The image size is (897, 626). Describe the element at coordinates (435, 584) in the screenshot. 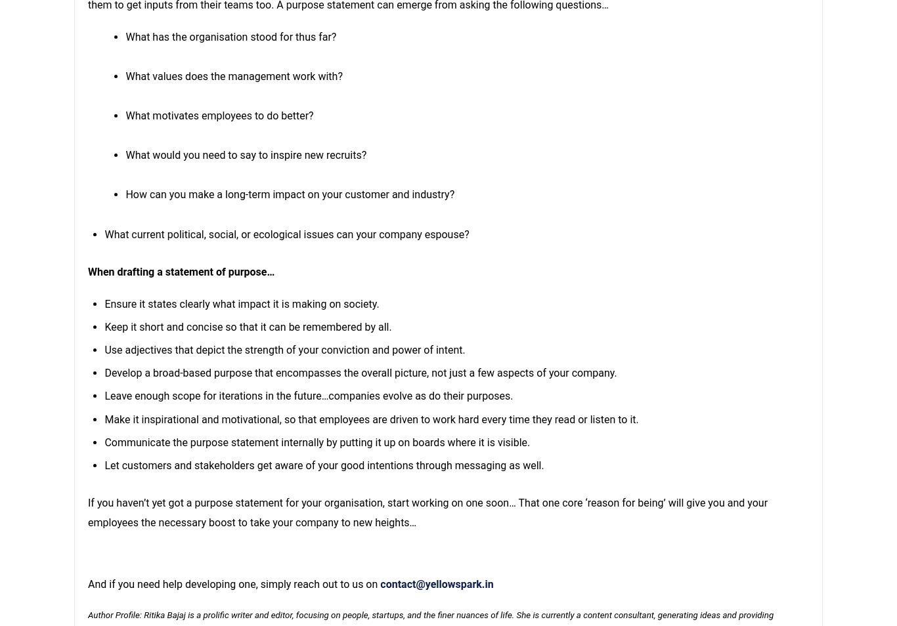

I see `'contact@yellowspark.in'` at that location.